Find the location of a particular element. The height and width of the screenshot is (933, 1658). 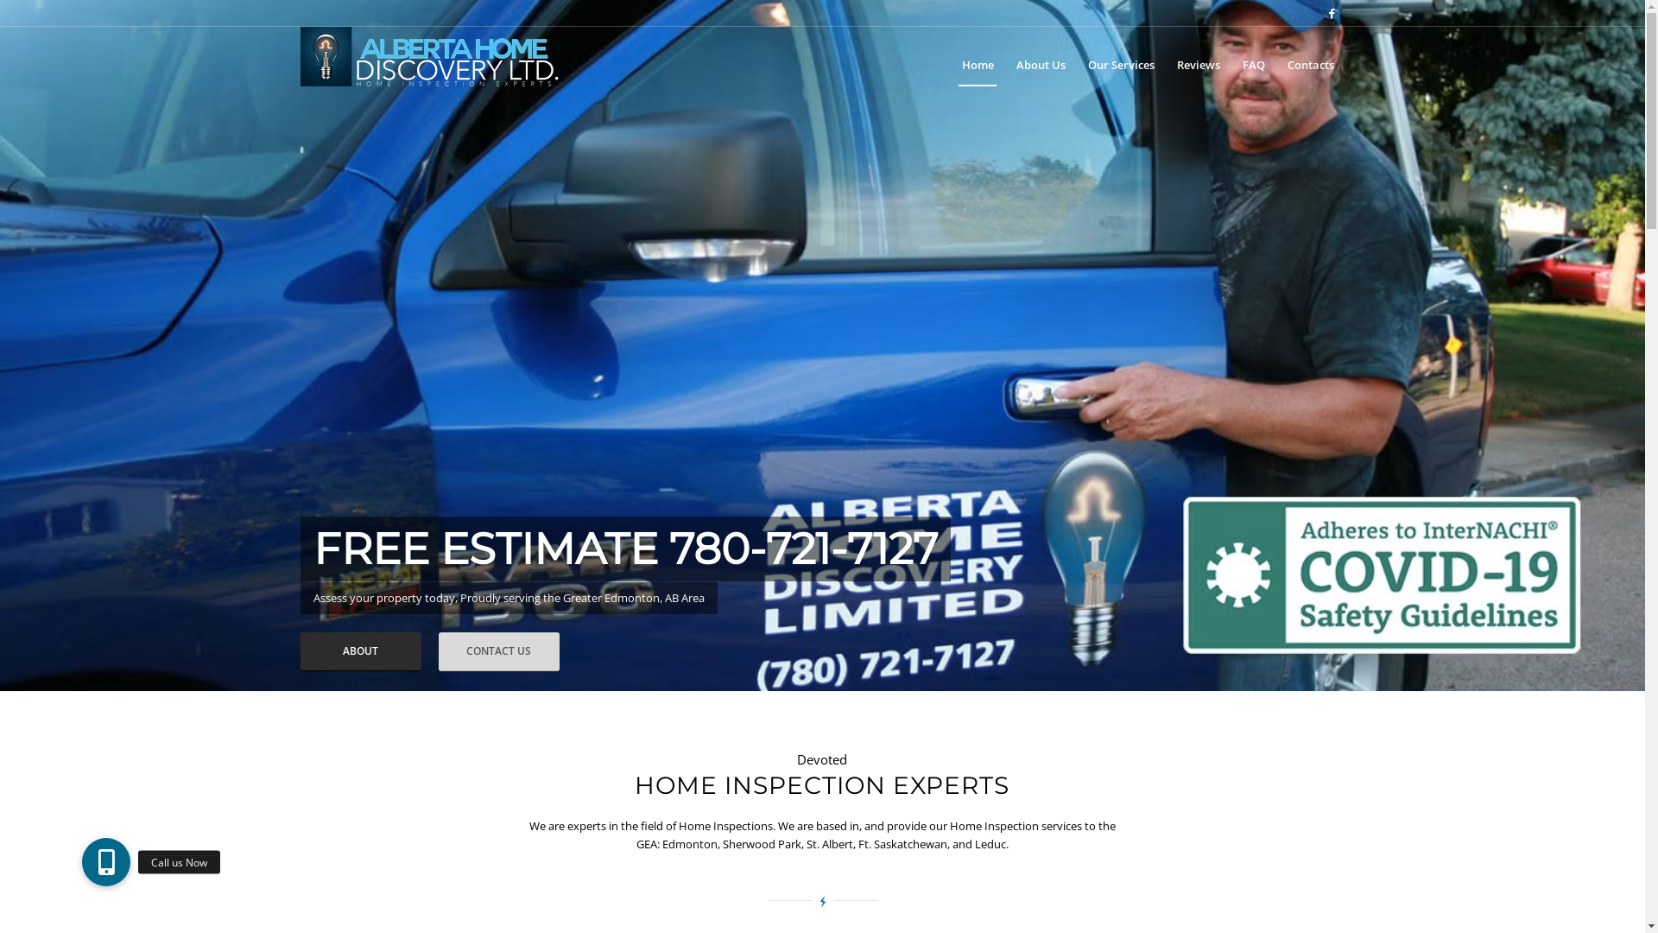

'FAQ' is located at coordinates (1253, 63).